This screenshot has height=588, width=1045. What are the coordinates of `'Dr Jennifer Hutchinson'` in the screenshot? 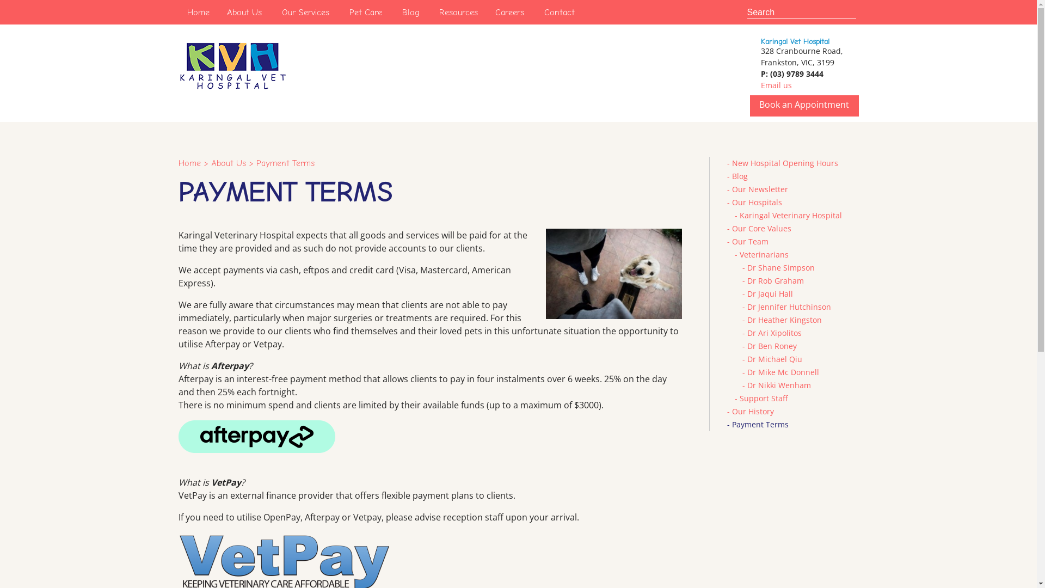 It's located at (789, 307).